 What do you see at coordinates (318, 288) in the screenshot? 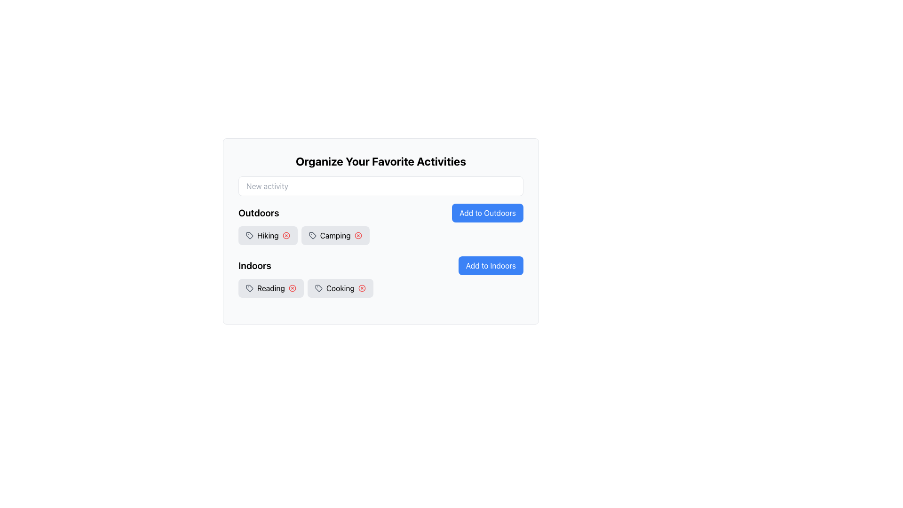
I see `small circular tag outline icon located to the left of the 'Cooking' button under the 'Indoors' section` at bounding box center [318, 288].